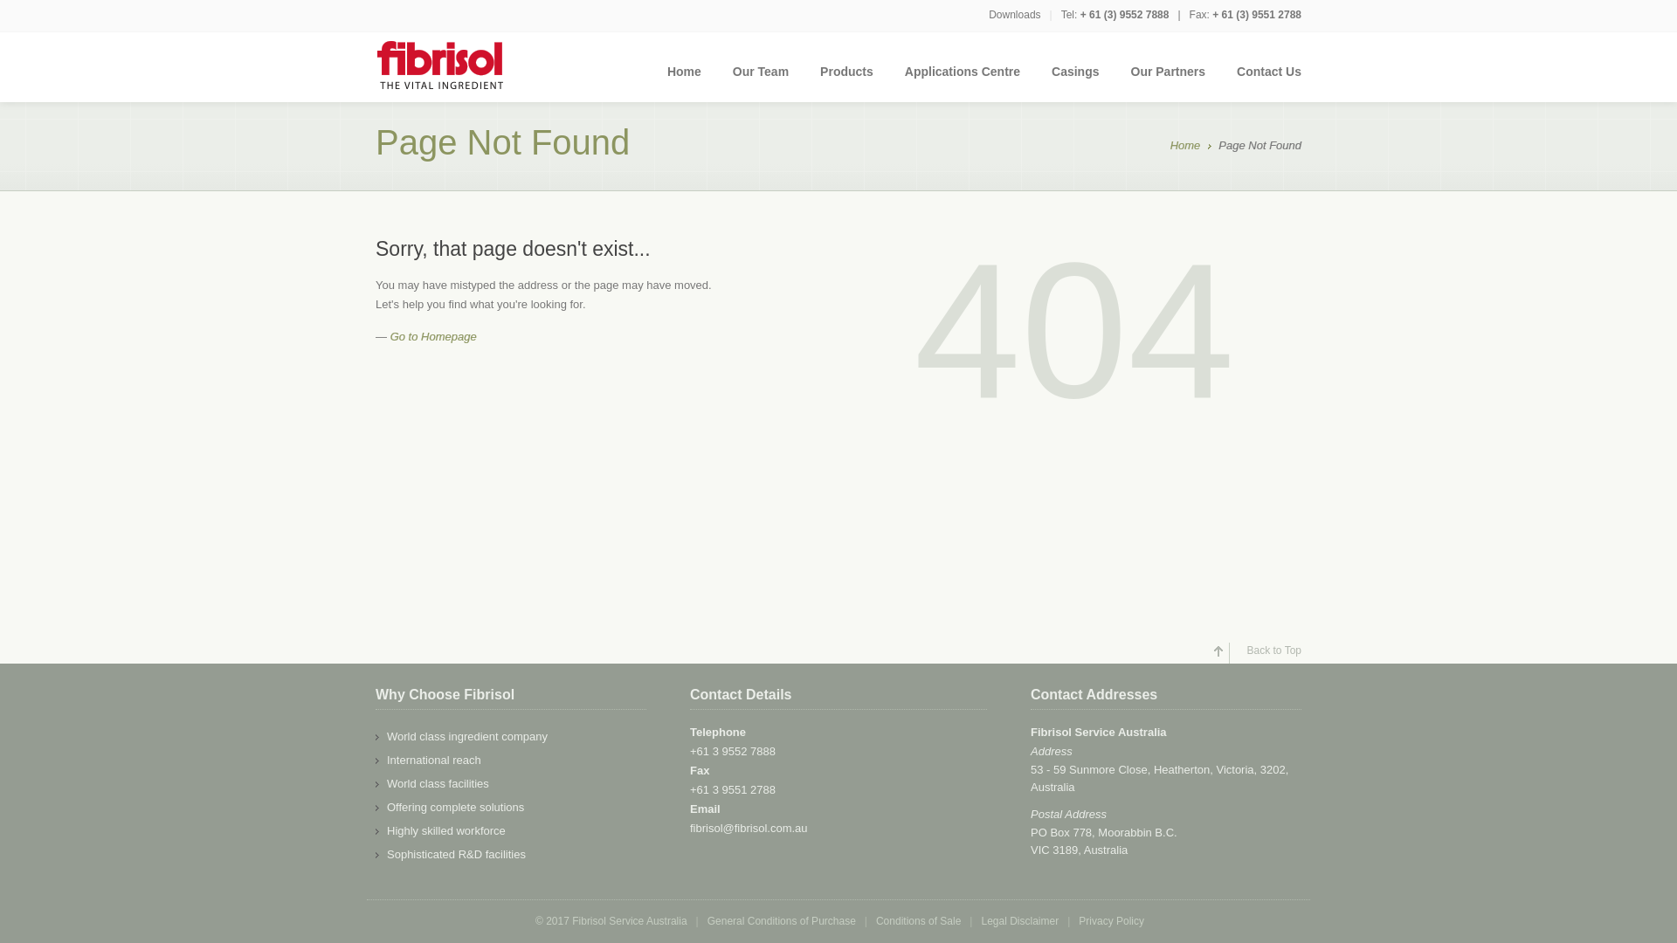 The height and width of the screenshot is (943, 1677). I want to click on 'Products', so click(804, 80).